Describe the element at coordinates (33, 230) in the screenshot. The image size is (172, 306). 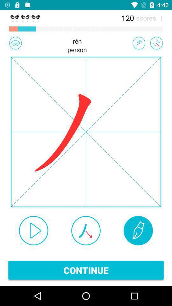
I see `the icon at the bottom left corner` at that location.